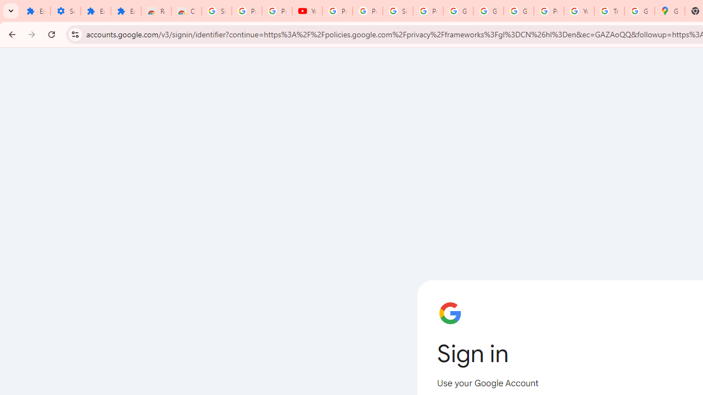  I want to click on 'Settings', so click(65, 11).